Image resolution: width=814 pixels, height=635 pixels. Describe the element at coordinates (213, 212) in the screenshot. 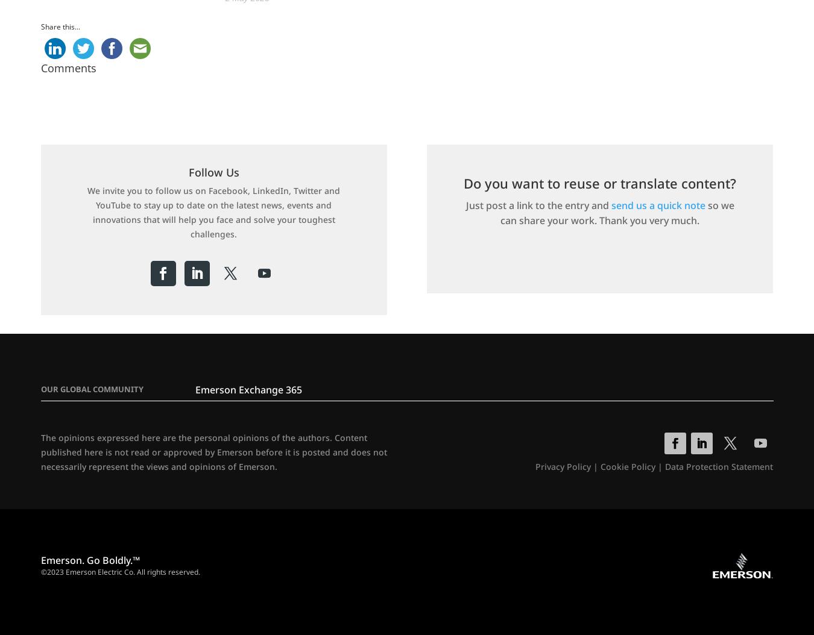

I see `'We invite you to follow us on Facebook, LinkedIn, Twitter and YouTube to stay up to date on the latest news, events and innovations that will help you face and solve your toughest challenges.'` at that location.